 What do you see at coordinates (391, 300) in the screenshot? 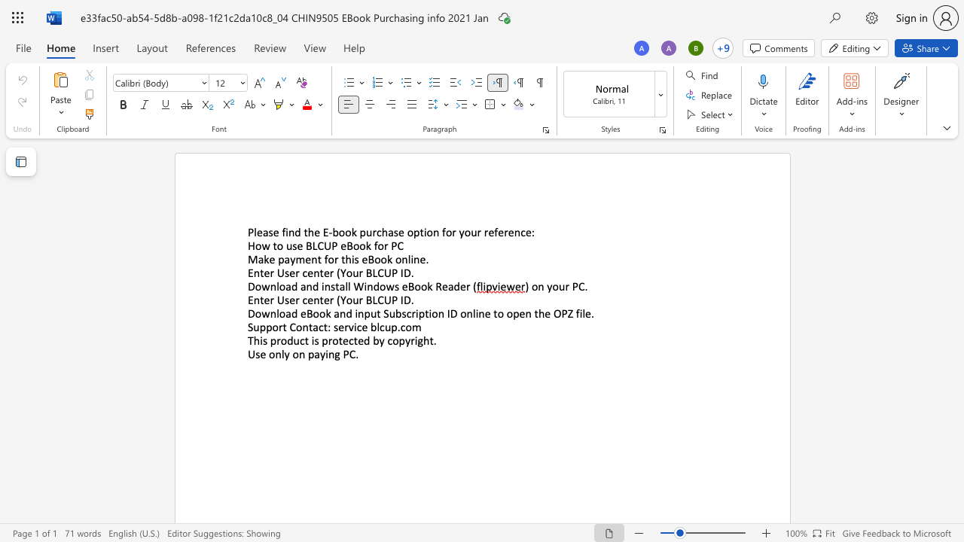
I see `the space between the continuous character "U" and "P" in the text` at bounding box center [391, 300].